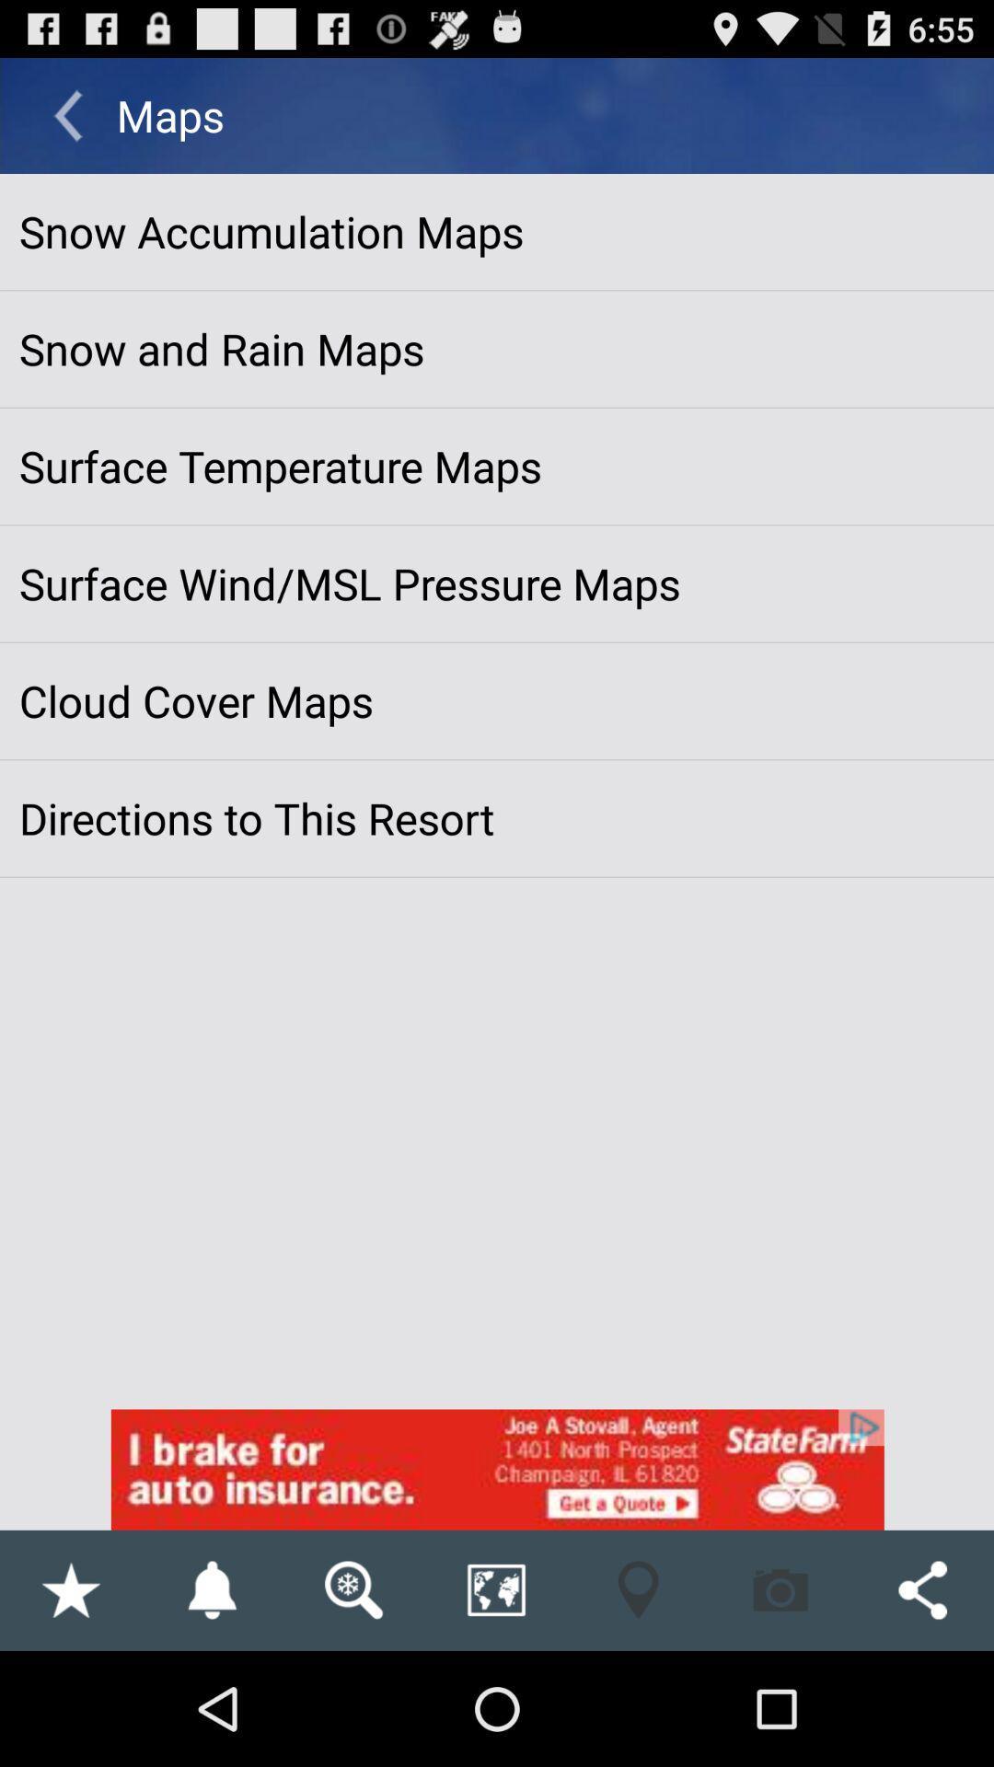 This screenshot has height=1767, width=994. What do you see at coordinates (922, 1701) in the screenshot?
I see `the share icon` at bounding box center [922, 1701].